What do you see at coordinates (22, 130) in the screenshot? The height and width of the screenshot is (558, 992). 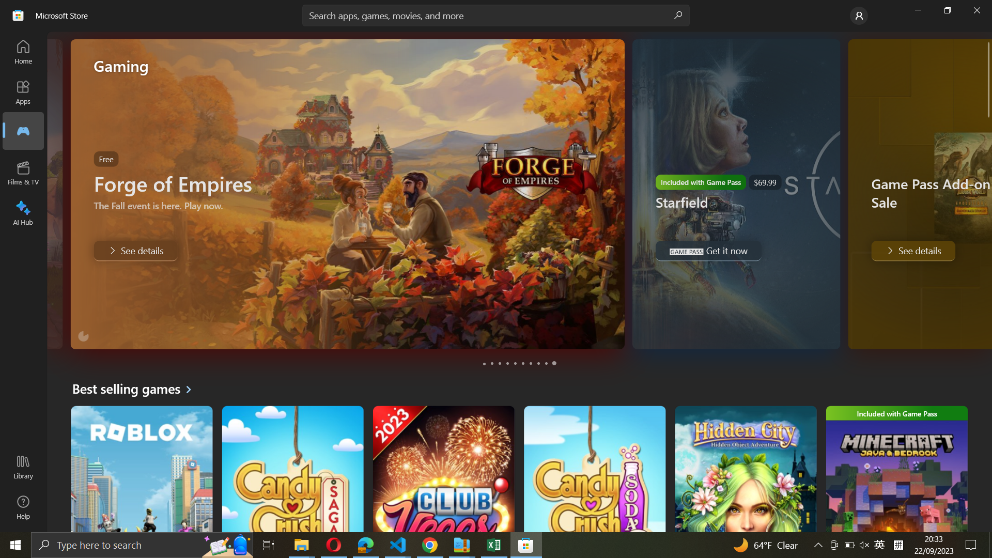 I see `the Games area` at bounding box center [22, 130].